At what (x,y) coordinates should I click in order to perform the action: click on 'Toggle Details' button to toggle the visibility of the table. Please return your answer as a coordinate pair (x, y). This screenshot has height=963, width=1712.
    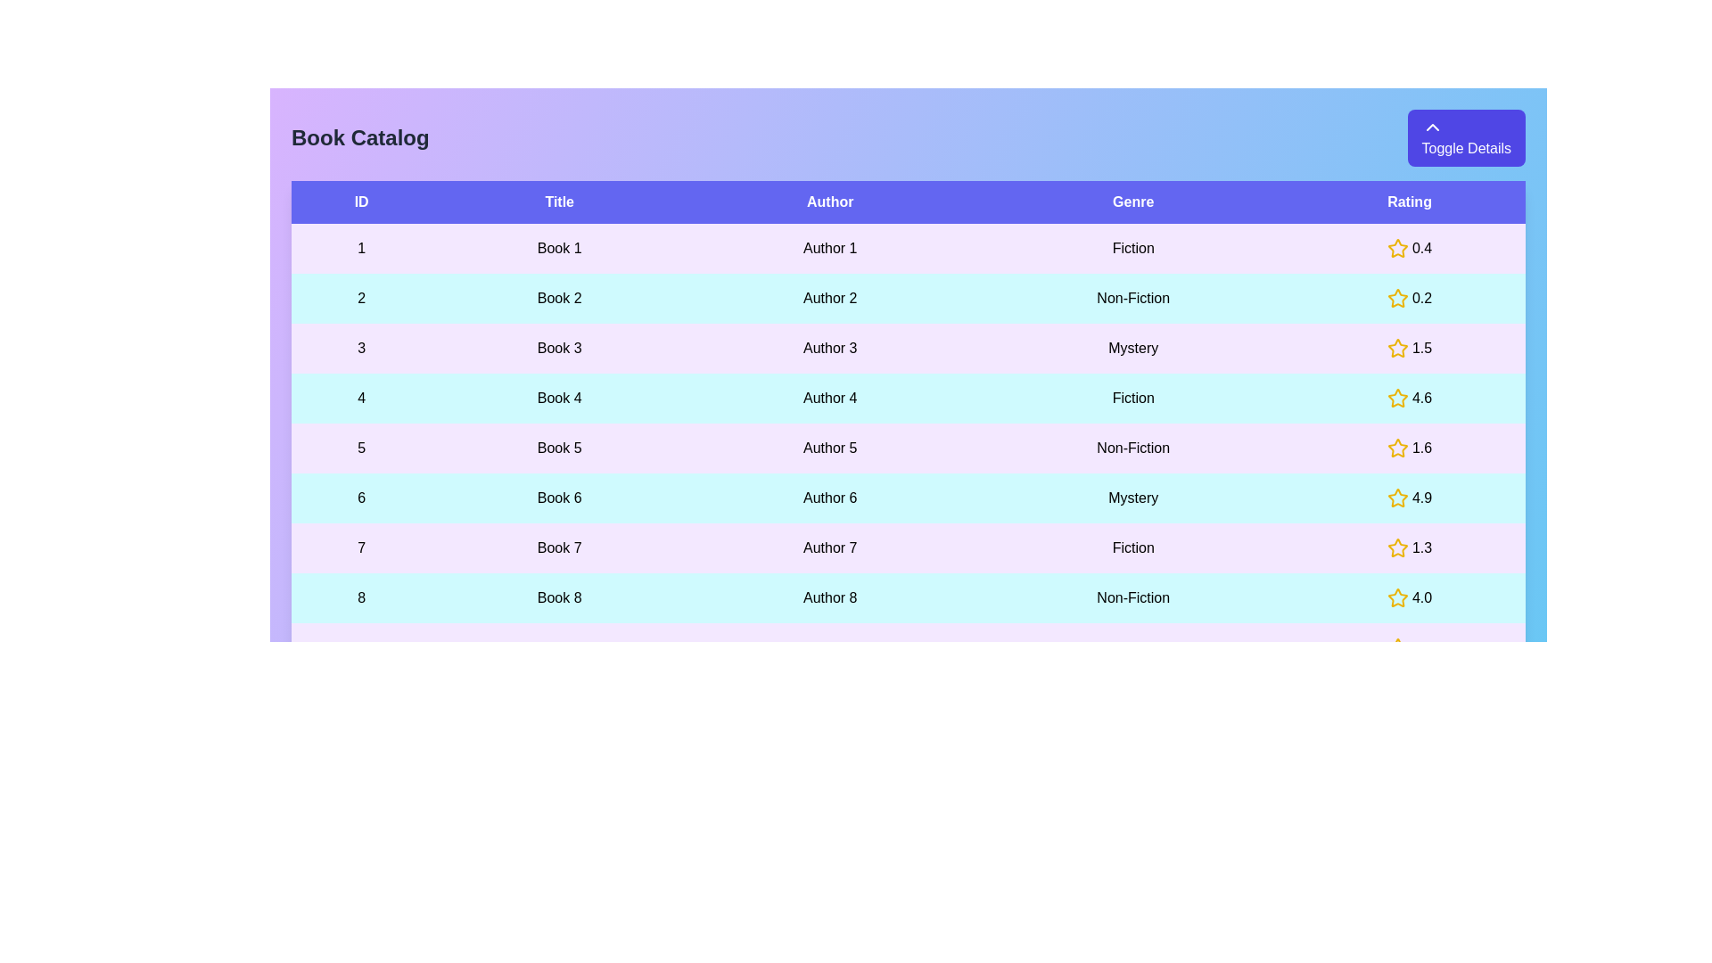
    Looking at the image, I should click on (1466, 136).